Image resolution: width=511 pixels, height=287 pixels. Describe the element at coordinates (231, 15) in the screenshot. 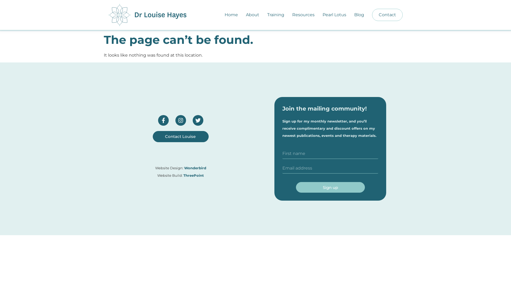

I see `'Home'` at that location.